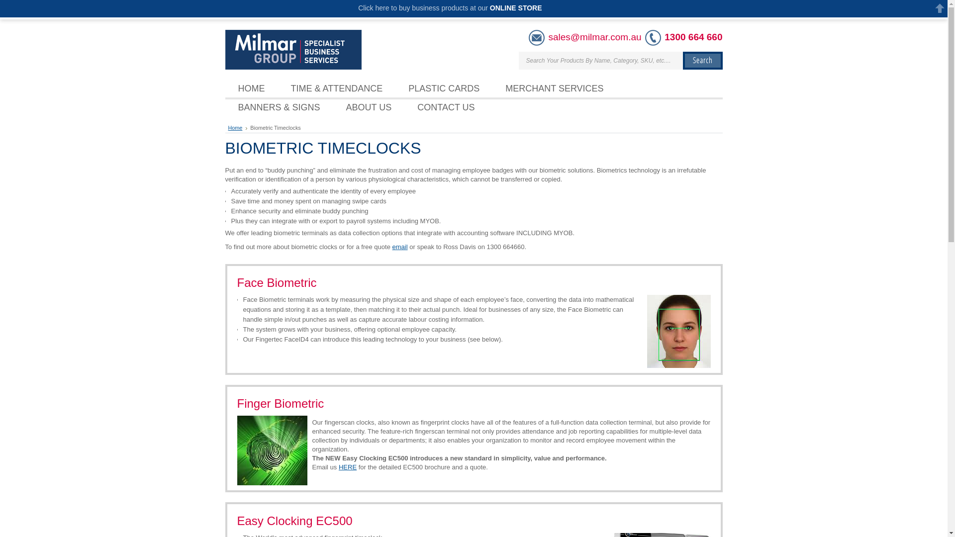 This screenshot has width=955, height=537. I want to click on 'MERCHANT SERVICES', so click(554, 88).